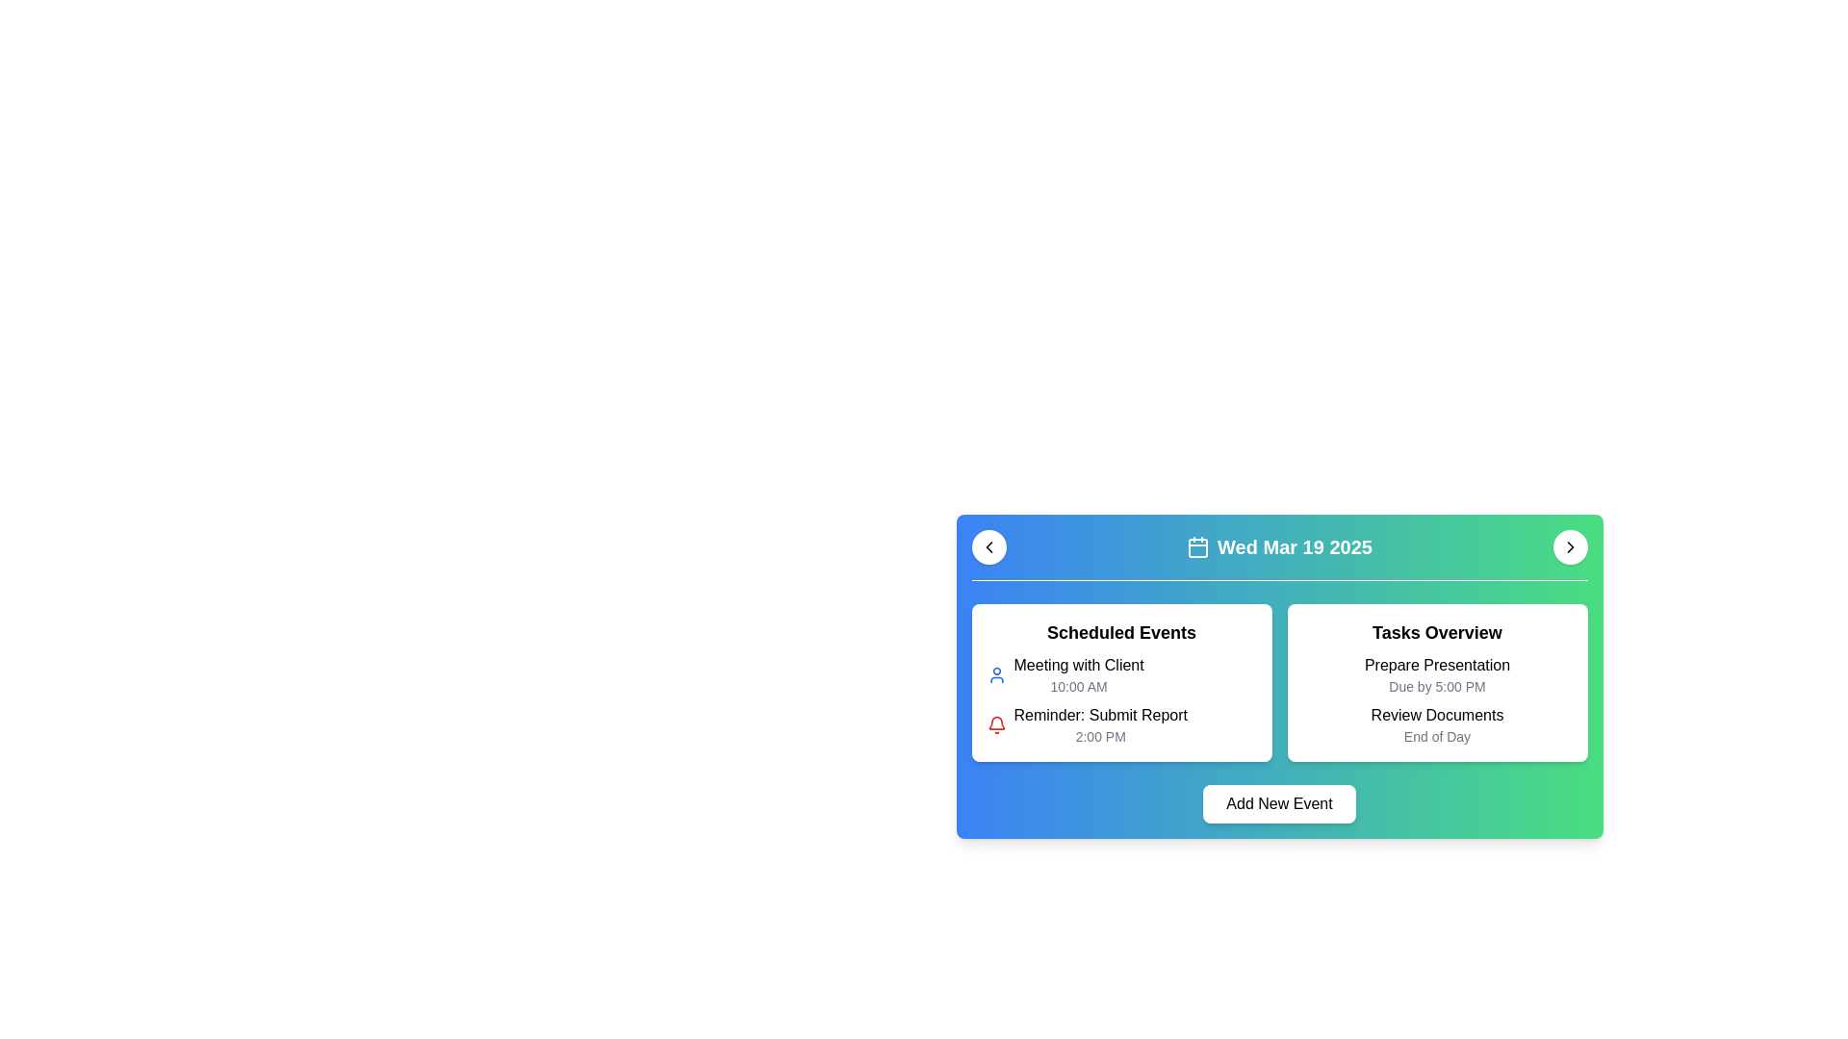 This screenshot has width=1848, height=1039. Describe the element at coordinates (1437, 736) in the screenshot. I see `the 'End of Day' text label, which is a smaller gray text label located beneath the 'Review Documents' text in the 'Tasks Overview' section` at that location.